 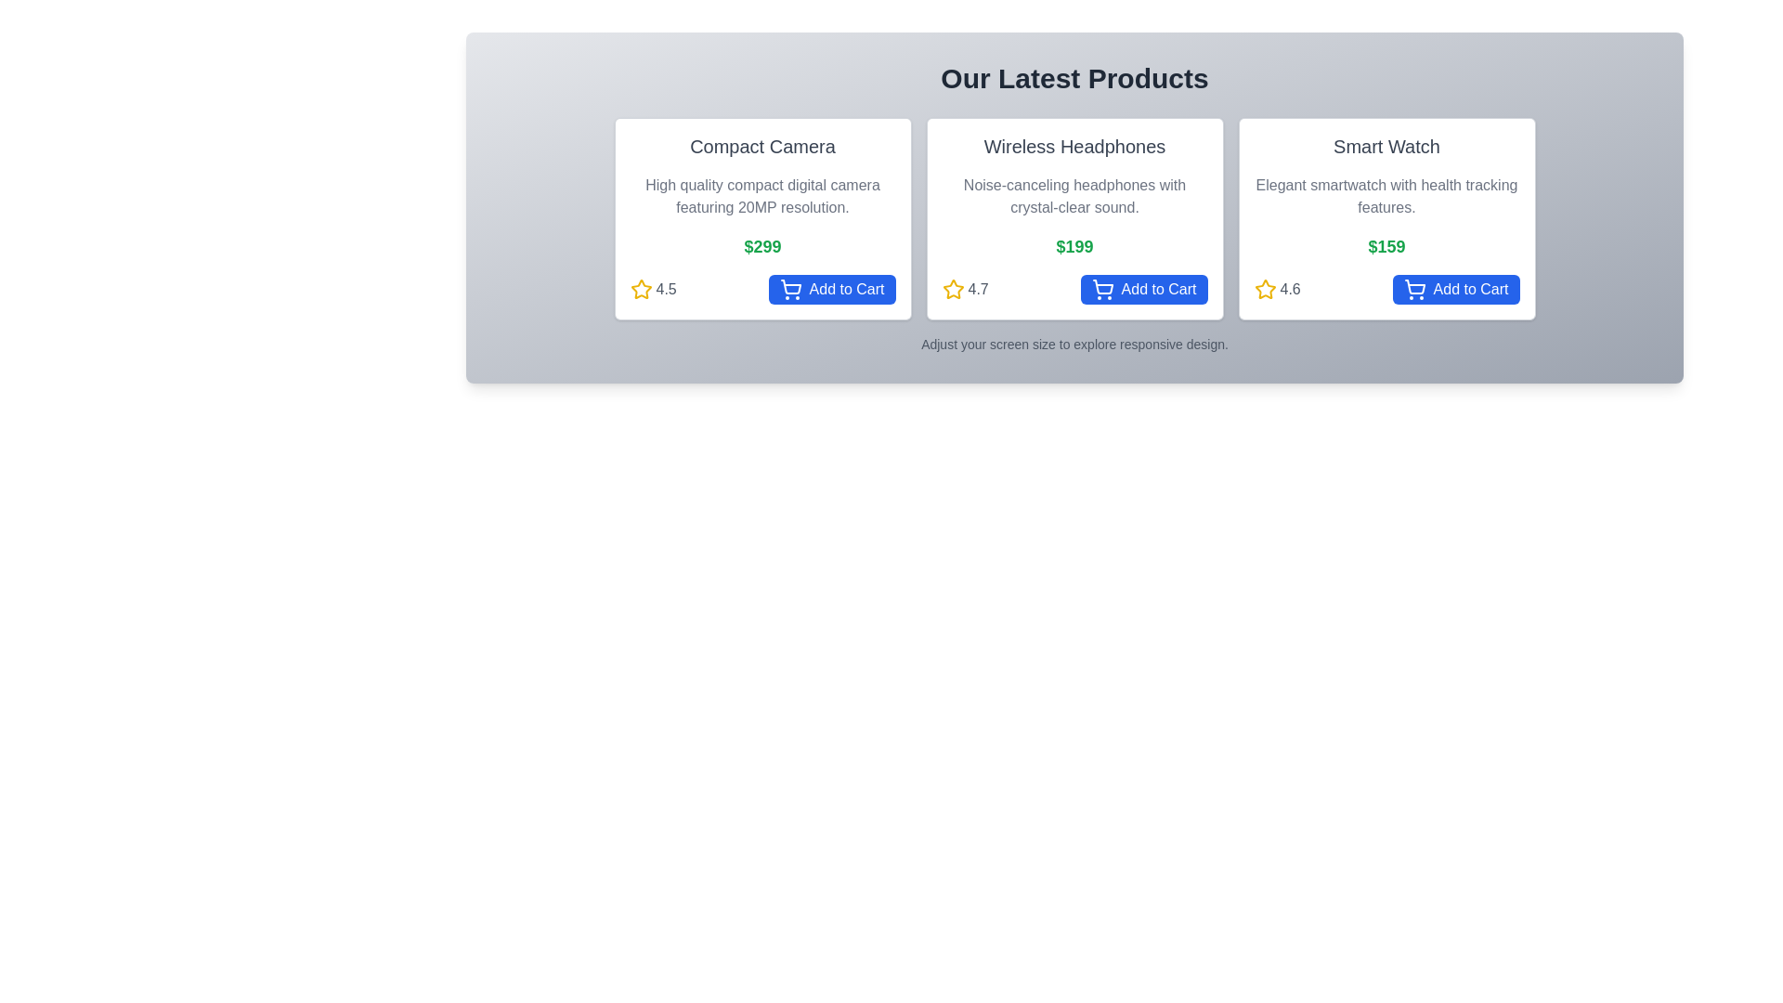 I want to click on the shopping cart icon within the blue 'Add to Cart' button for the 'Wireless Headphones' product, so click(x=1102, y=290).